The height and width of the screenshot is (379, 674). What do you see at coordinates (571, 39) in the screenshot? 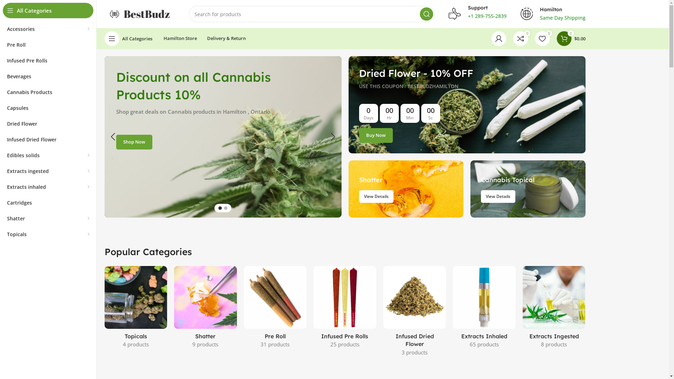
I see `'0` at bounding box center [571, 39].